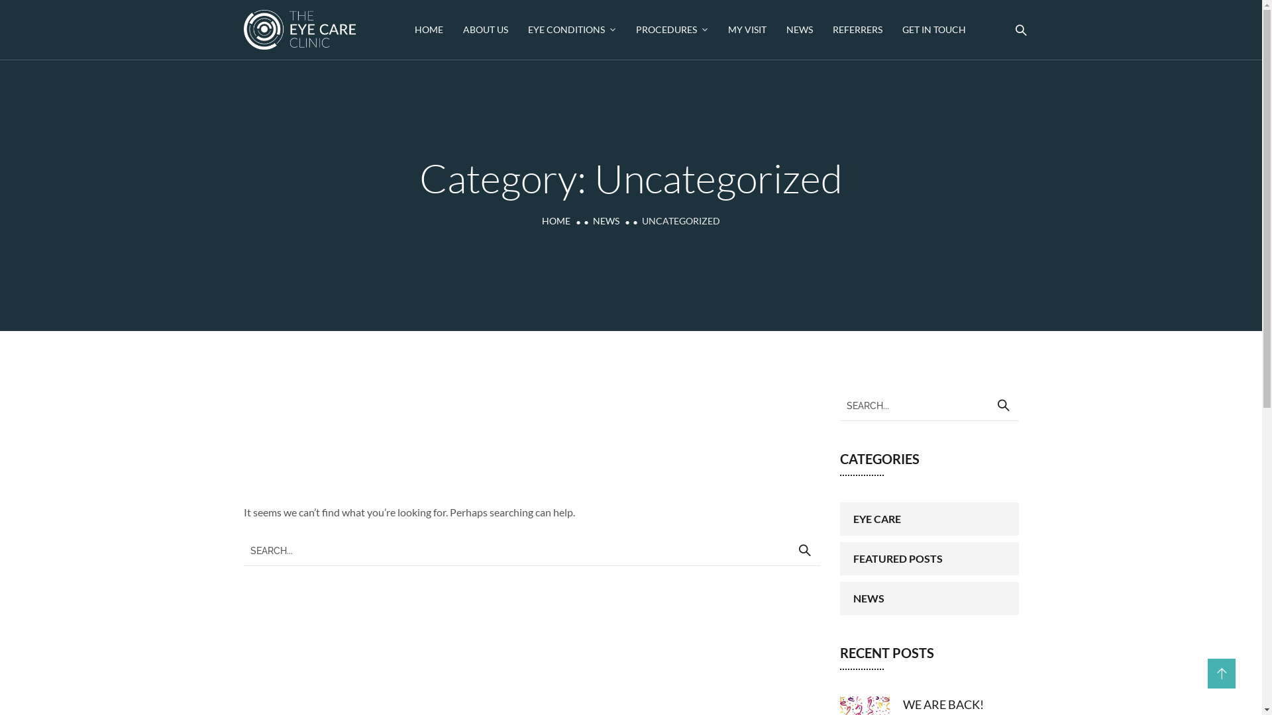 Image resolution: width=1272 pixels, height=715 pixels. What do you see at coordinates (485, 30) in the screenshot?
I see `'ABOUT US'` at bounding box center [485, 30].